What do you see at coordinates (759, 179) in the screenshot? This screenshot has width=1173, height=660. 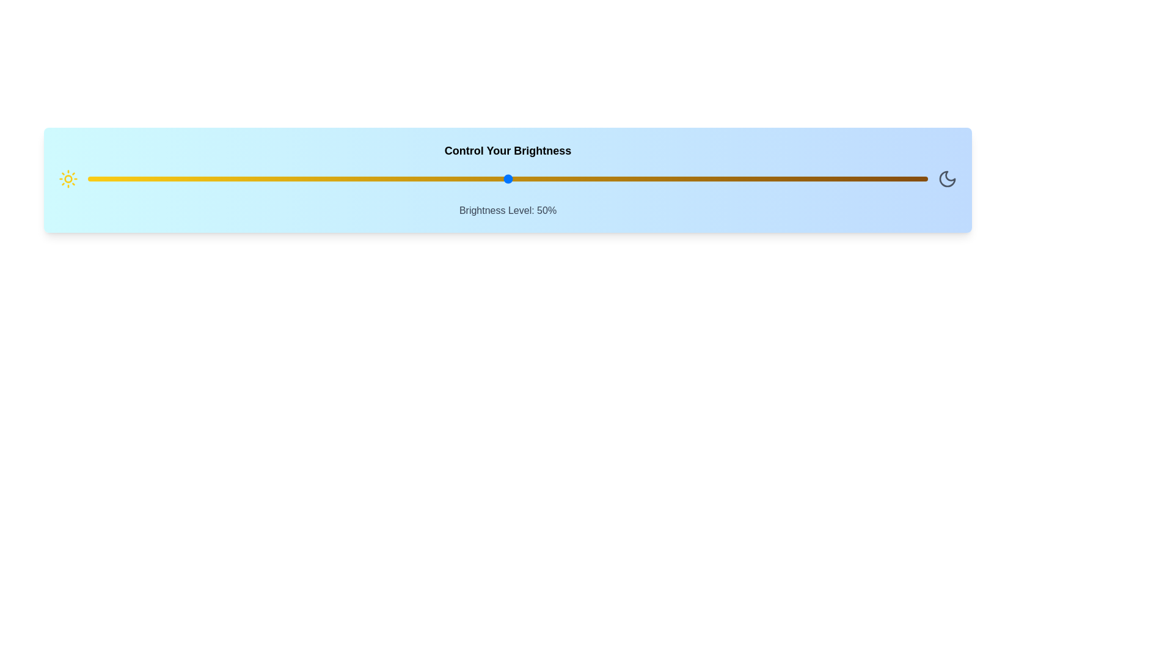 I see `the brightness to 80% using the slider` at bounding box center [759, 179].